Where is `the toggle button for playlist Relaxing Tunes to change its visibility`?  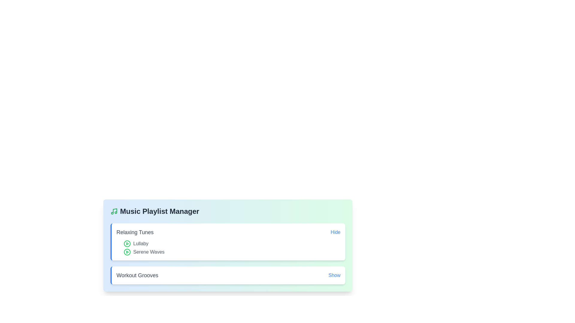
the toggle button for playlist Relaxing Tunes to change its visibility is located at coordinates (335, 232).